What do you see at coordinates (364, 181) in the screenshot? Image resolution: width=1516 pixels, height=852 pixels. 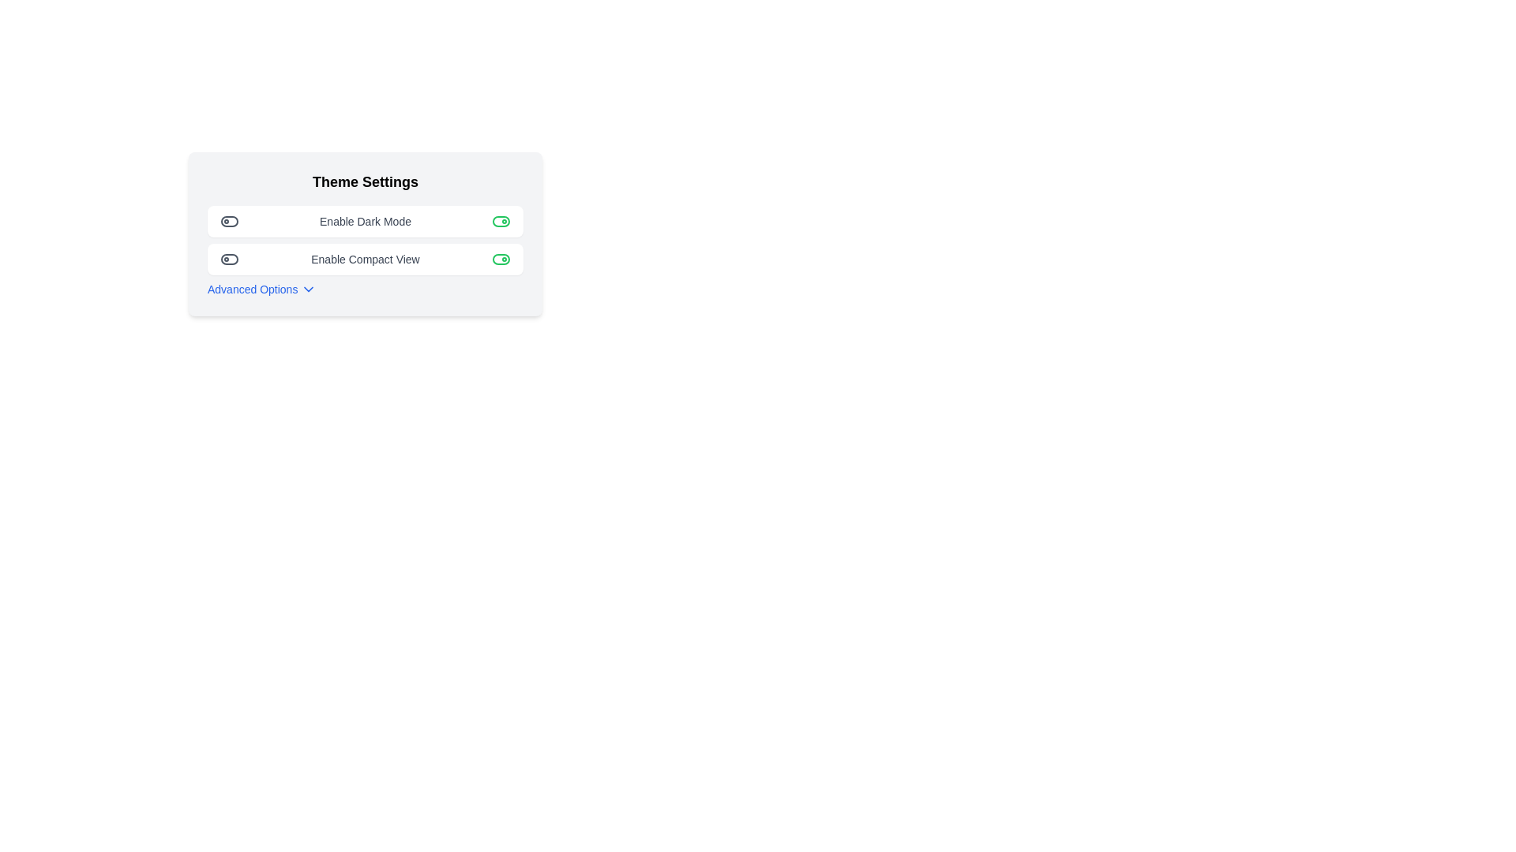 I see `the 'Theme Settings' label at the top of the settings interface, which is styled with bold and larger font size` at bounding box center [364, 181].